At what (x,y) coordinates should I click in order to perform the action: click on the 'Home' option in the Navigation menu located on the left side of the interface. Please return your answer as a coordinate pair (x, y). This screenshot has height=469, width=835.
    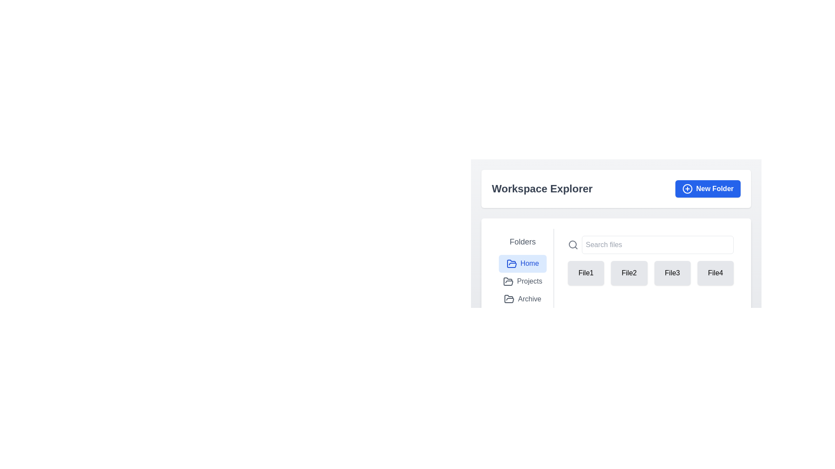
    Looking at the image, I should click on (522, 271).